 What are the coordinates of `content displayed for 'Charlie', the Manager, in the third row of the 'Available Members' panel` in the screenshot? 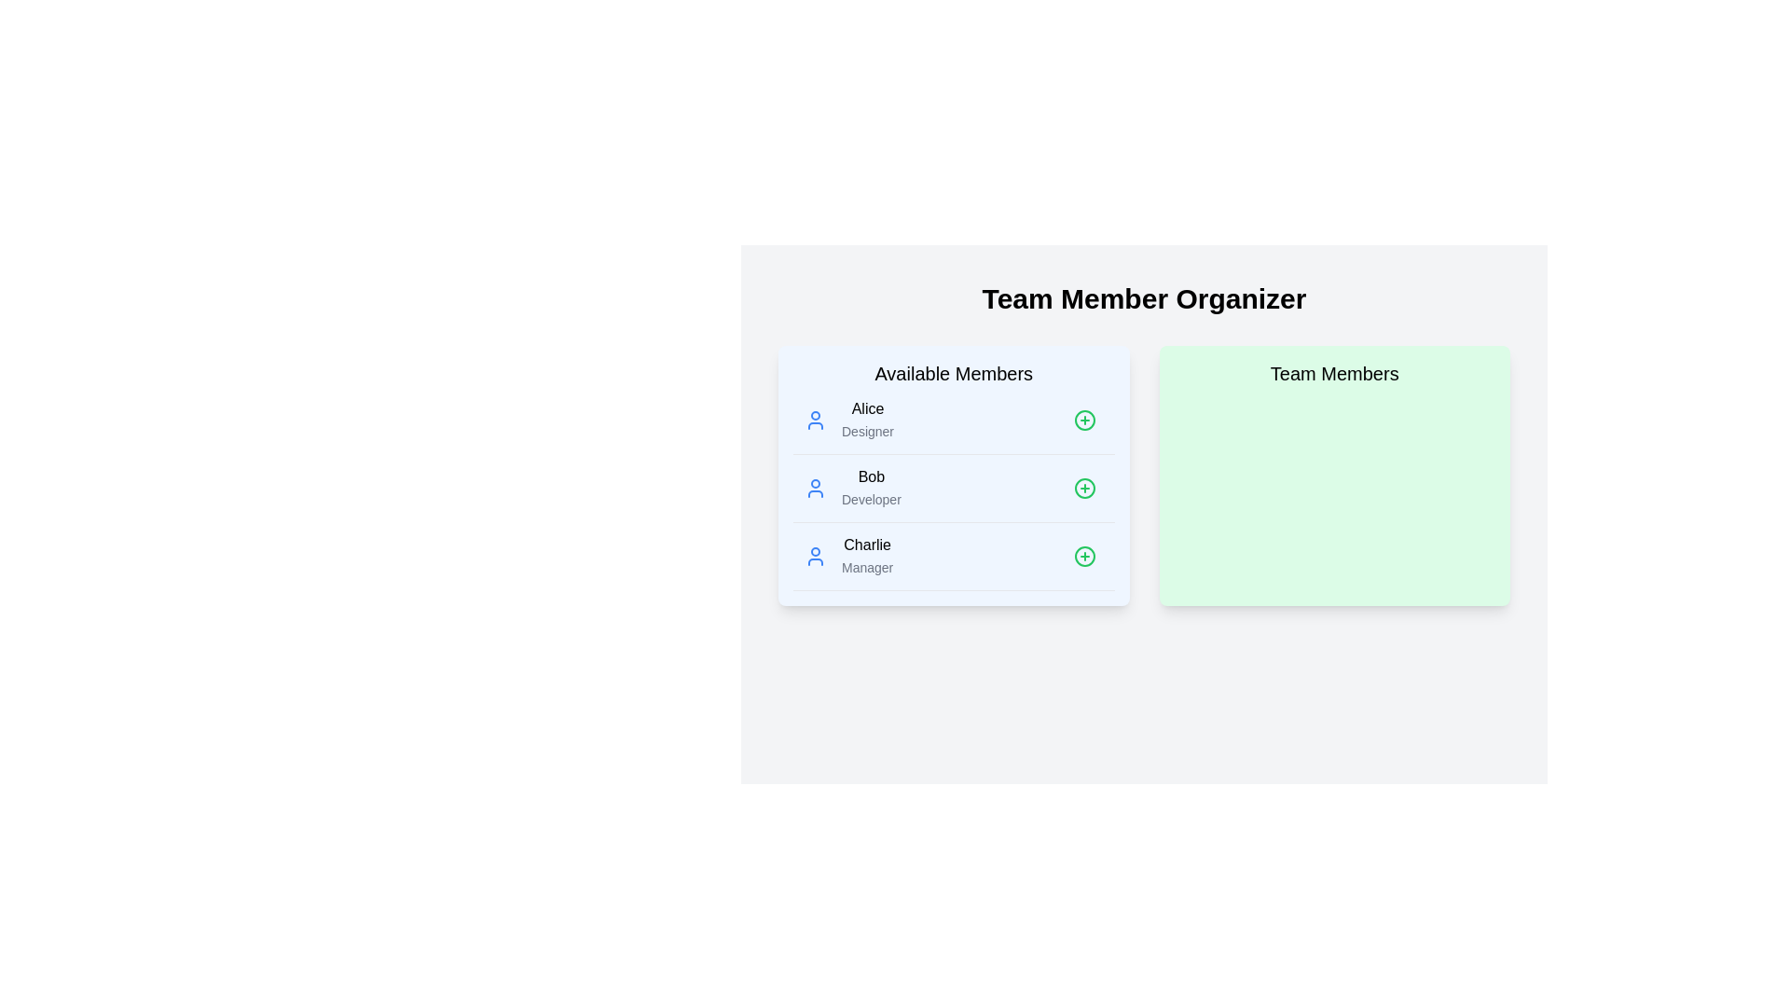 It's located at (866, 556).